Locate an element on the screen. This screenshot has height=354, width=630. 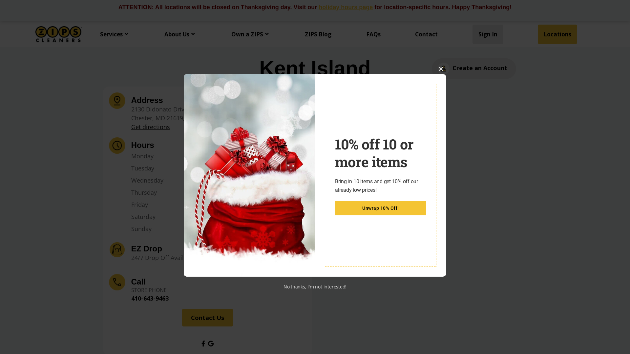
'Own a ZIPS' is located at coordinates (231, 34).